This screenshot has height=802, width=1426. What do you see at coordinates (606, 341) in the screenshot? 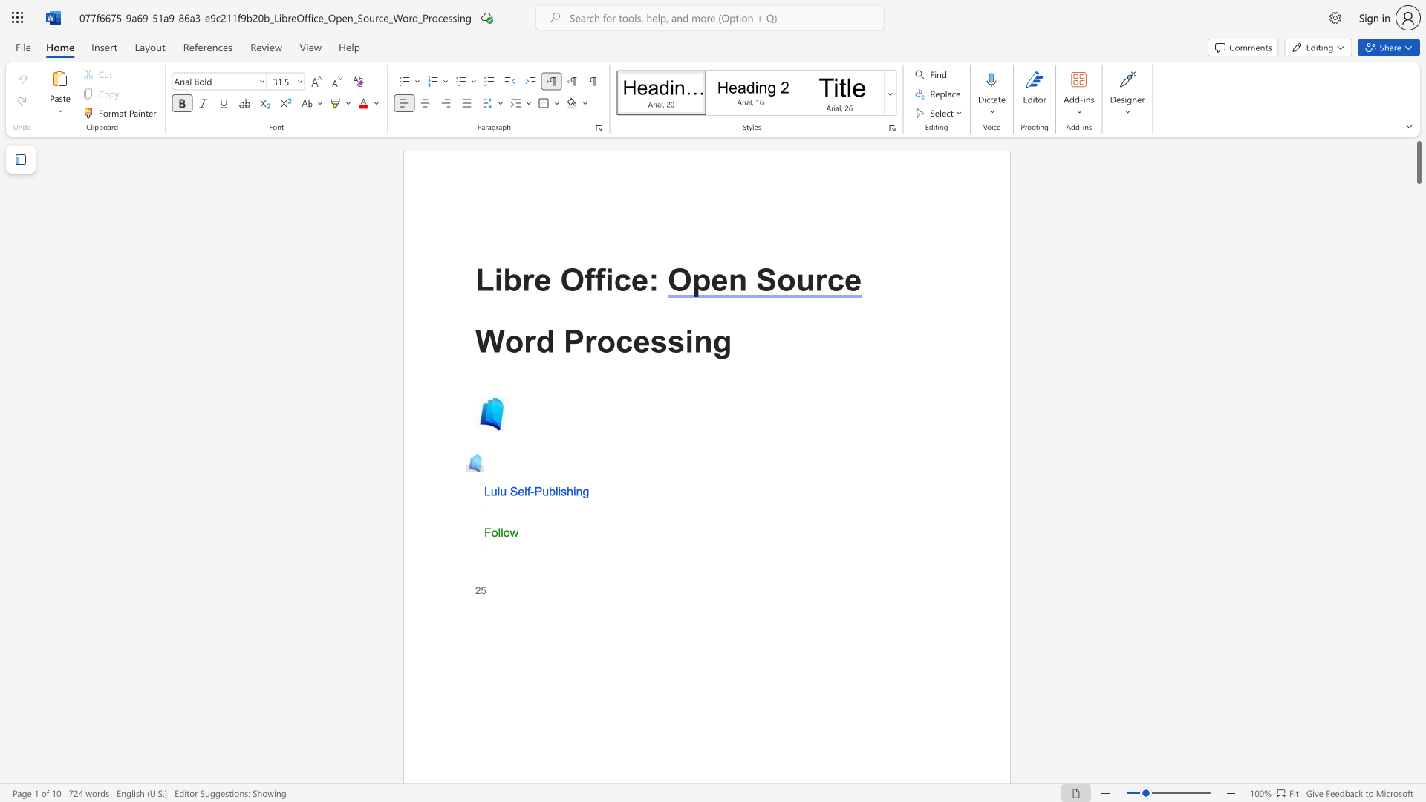
I see `the 2th character "o" in the text` at bounding box center [606, 341].